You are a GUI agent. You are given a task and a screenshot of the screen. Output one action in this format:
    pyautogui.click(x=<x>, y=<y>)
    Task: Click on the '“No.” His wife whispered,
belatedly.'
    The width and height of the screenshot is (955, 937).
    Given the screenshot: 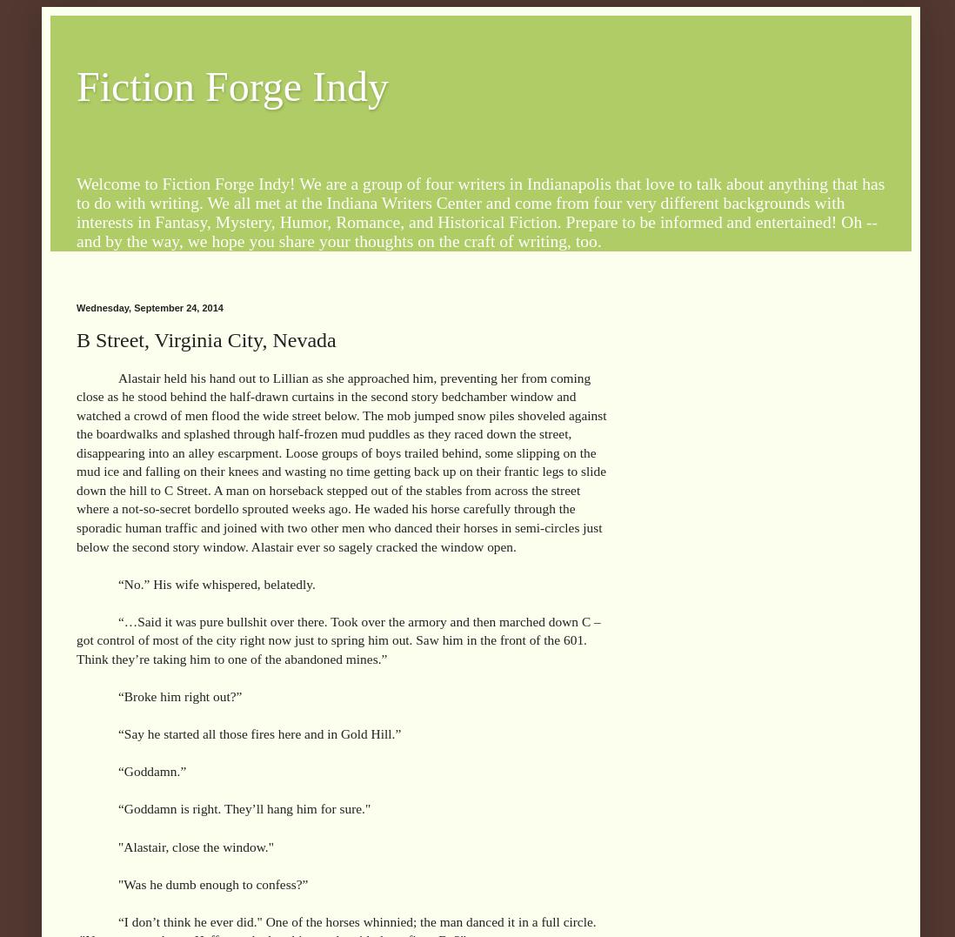 What is the action you would take?
    pyautogui.click(x=216, y=582)
    